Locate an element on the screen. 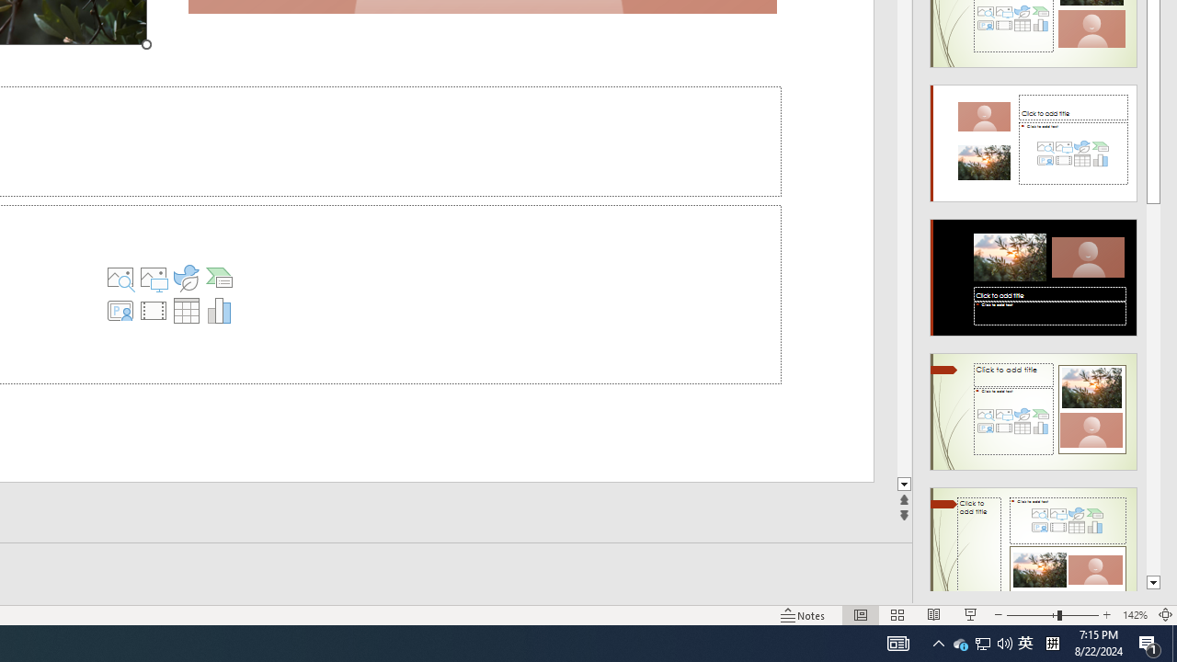 Image resolution: width=1177 pixels, height=662 pixels. 'Insert Cameo' is located at coordinates (120, 310).